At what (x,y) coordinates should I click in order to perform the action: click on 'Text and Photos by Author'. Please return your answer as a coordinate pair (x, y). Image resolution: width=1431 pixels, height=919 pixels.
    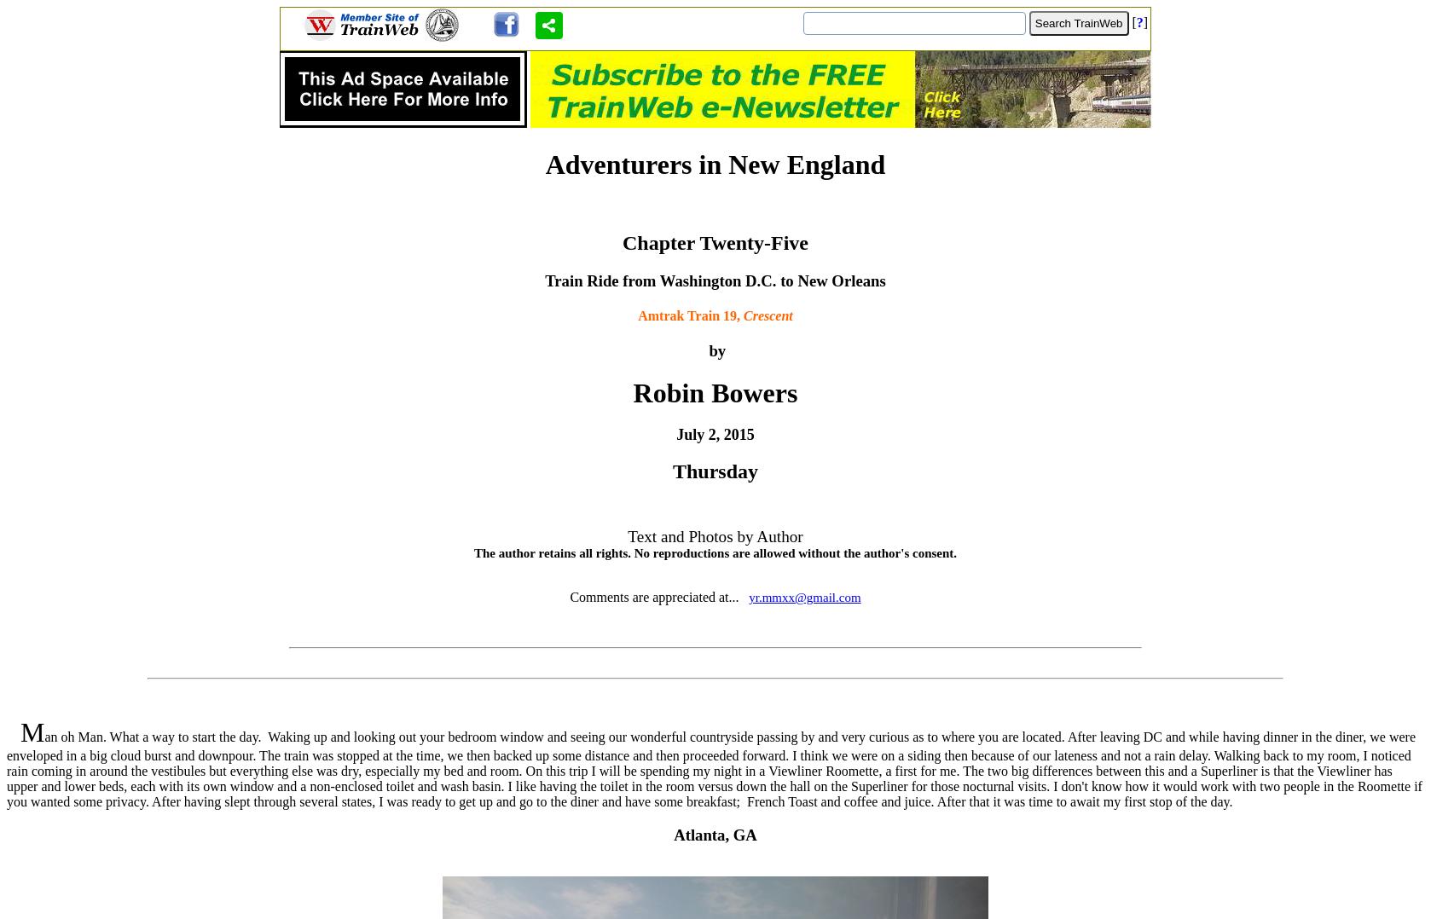
    Looking at the image, I should click on (626, 535).